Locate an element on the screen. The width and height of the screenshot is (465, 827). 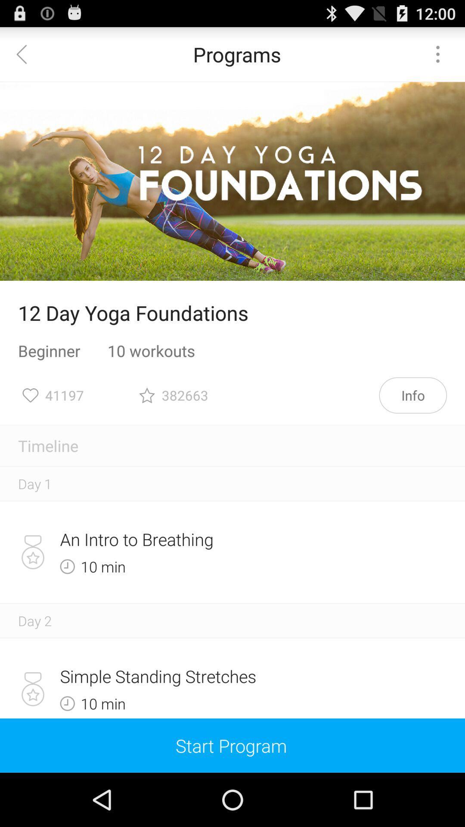
the info item is located at coordinates (412, 395).